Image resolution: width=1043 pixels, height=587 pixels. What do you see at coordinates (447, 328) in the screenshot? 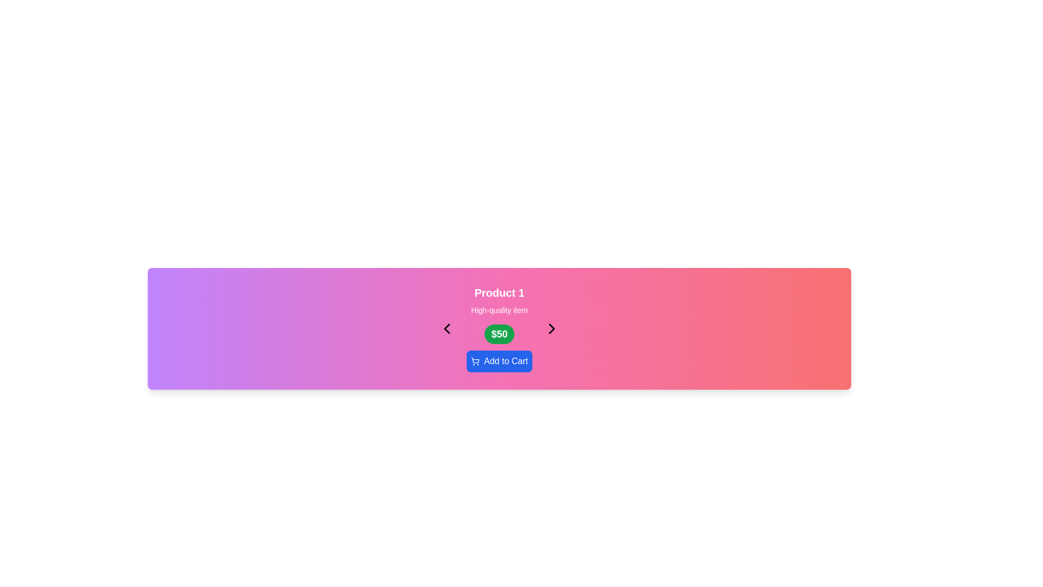
I see `the backward navigation button styled as an SVG icon located to the left of the green price indicator ($50) for keyboard interaction` at bounding box center [447, 328].